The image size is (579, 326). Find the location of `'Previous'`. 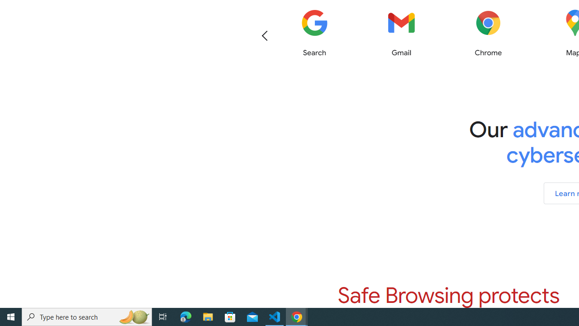

'Previous' is located at coordinates (264, 35).